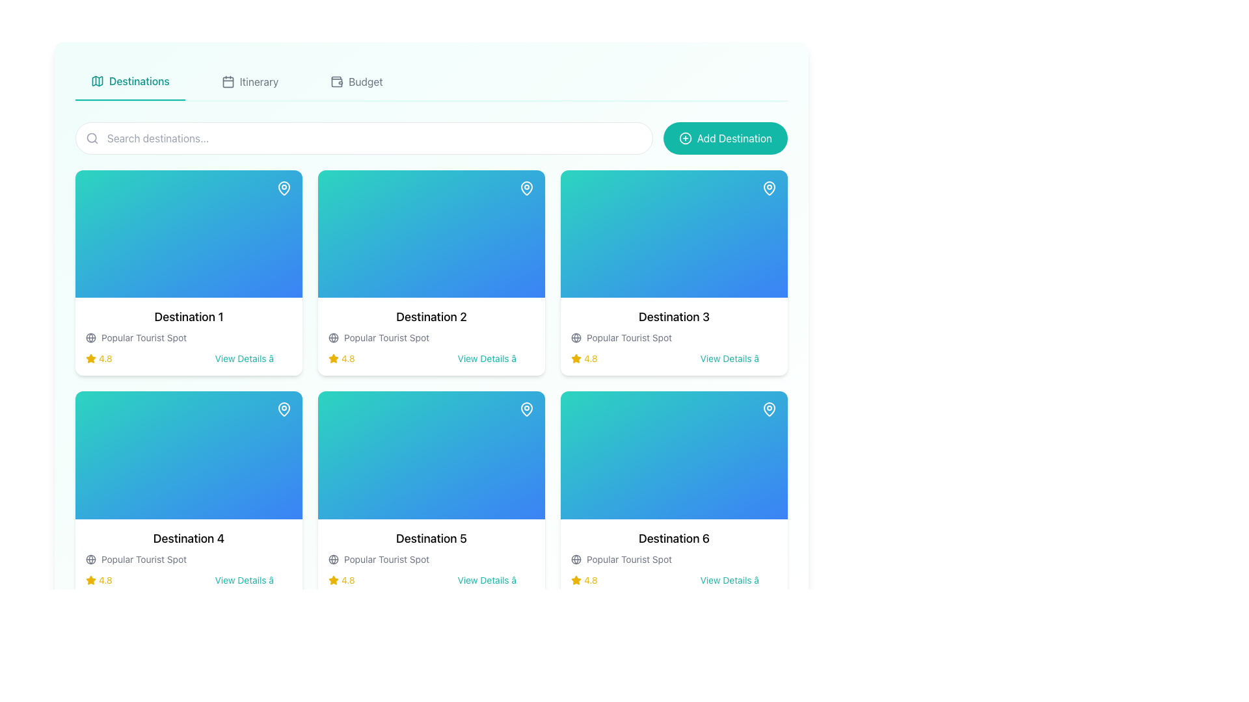  I want to click on the globe icon, which is a circular outline with meridian lines and an equatorial line, located to the left of the text 'Popular Tourist Spot' under the title 'Destination 3', so click(90, 337).